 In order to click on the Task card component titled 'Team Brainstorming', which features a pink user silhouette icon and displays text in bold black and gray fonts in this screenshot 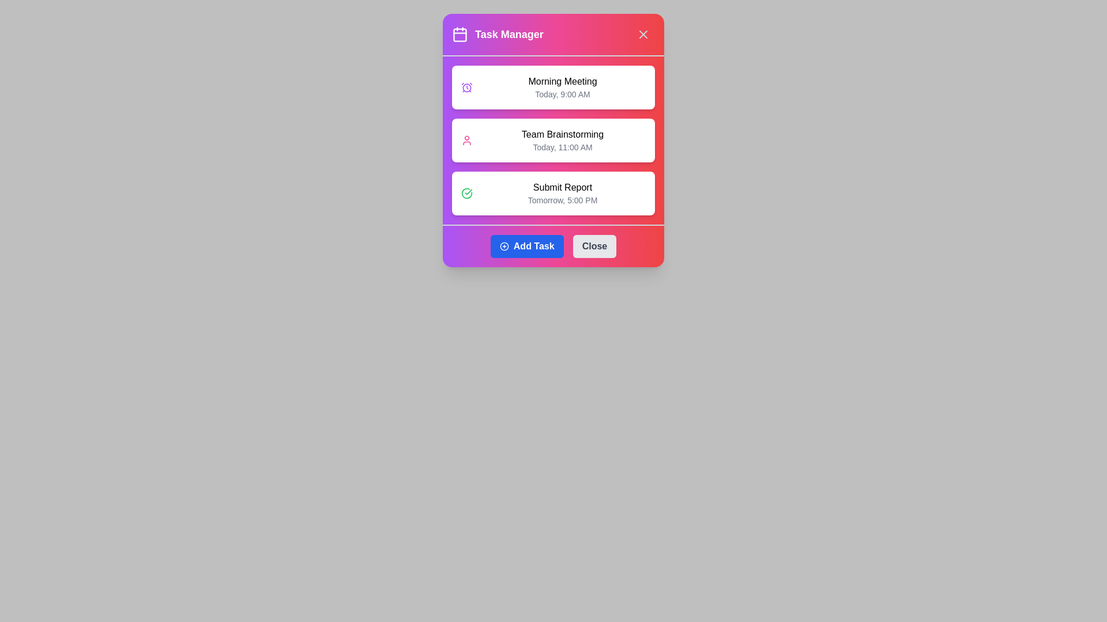, I will do `click(553, 139)`.